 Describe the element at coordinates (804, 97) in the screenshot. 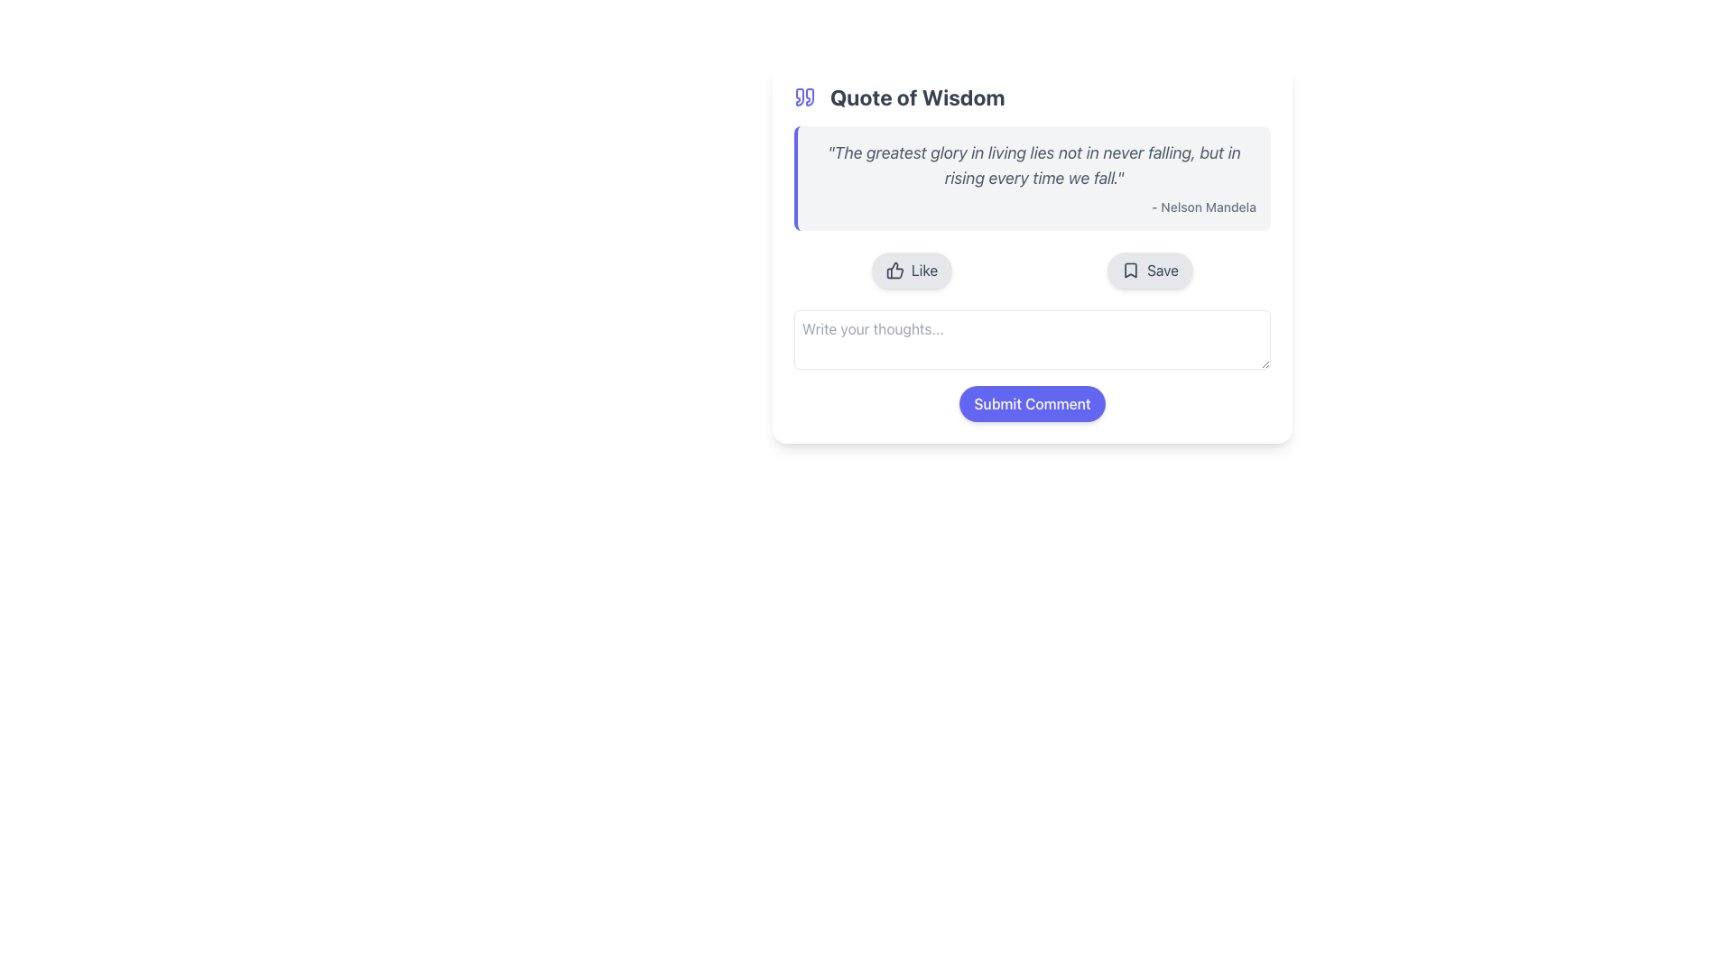

I see `the decorative icon located to the left of the heading 'Quote of Wisdom'` at that location.